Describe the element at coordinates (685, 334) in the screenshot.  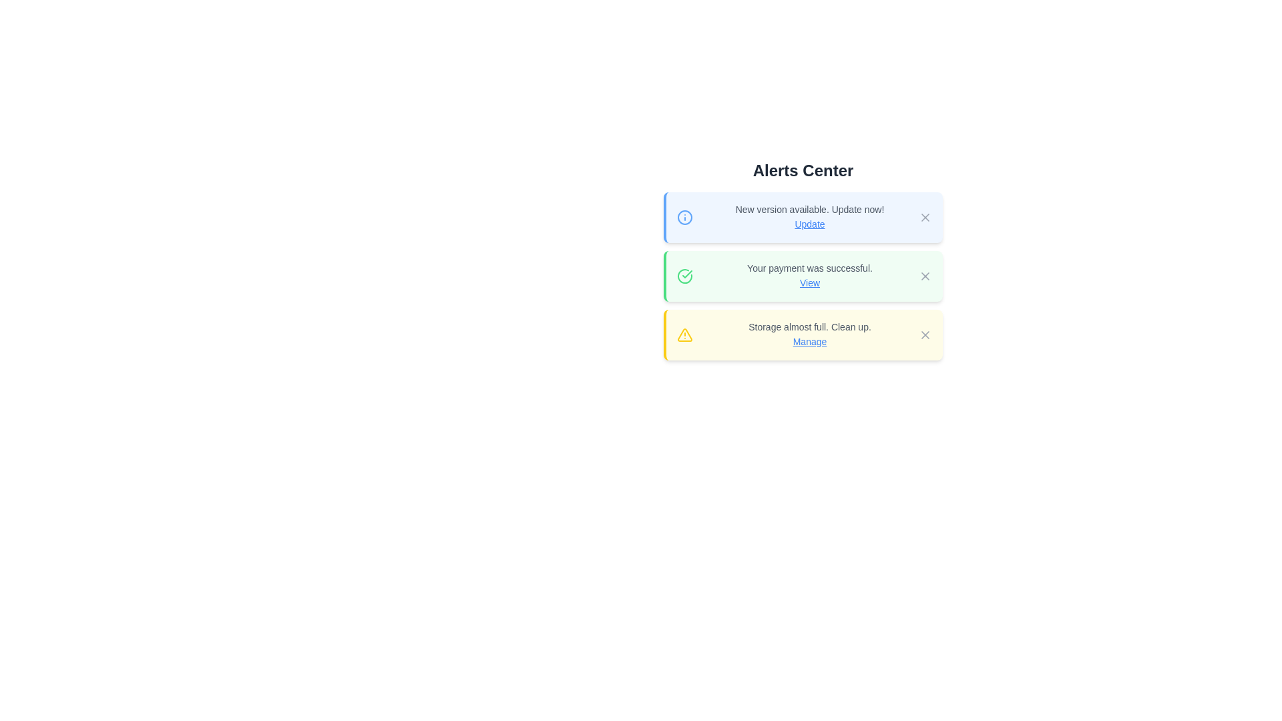
I see `the yellow triangular warning icon with a black outline and exclamation mark, located within the notification card that reads 'Storage almost full. Clean up. Manage'` at that location.